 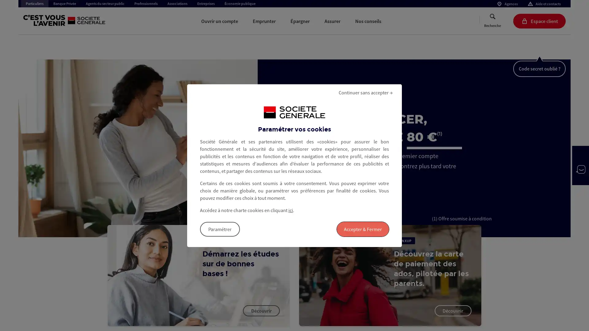 I want to click on Accepter & Fermer, so click(x=363, y=229).